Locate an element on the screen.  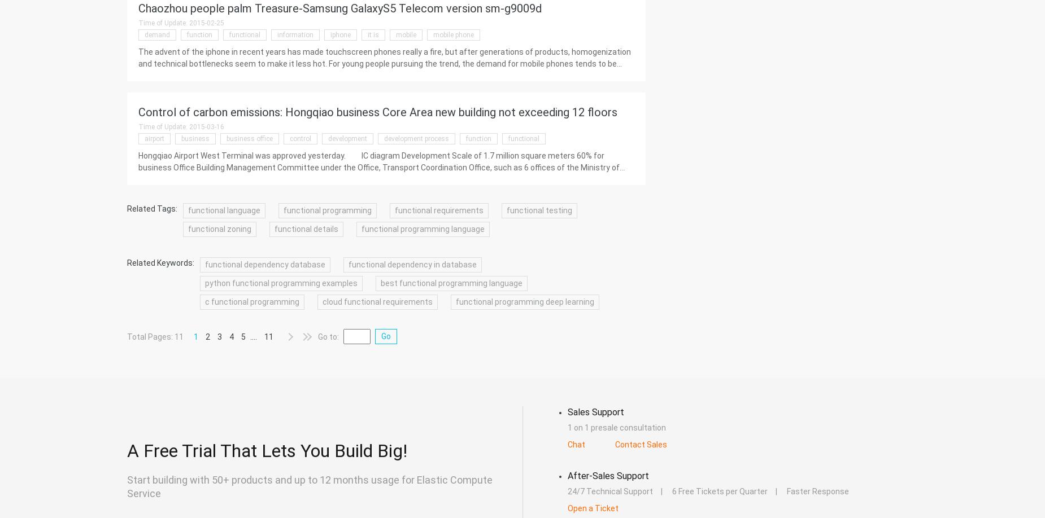
'functional details' is located at coordinates (274, 229).